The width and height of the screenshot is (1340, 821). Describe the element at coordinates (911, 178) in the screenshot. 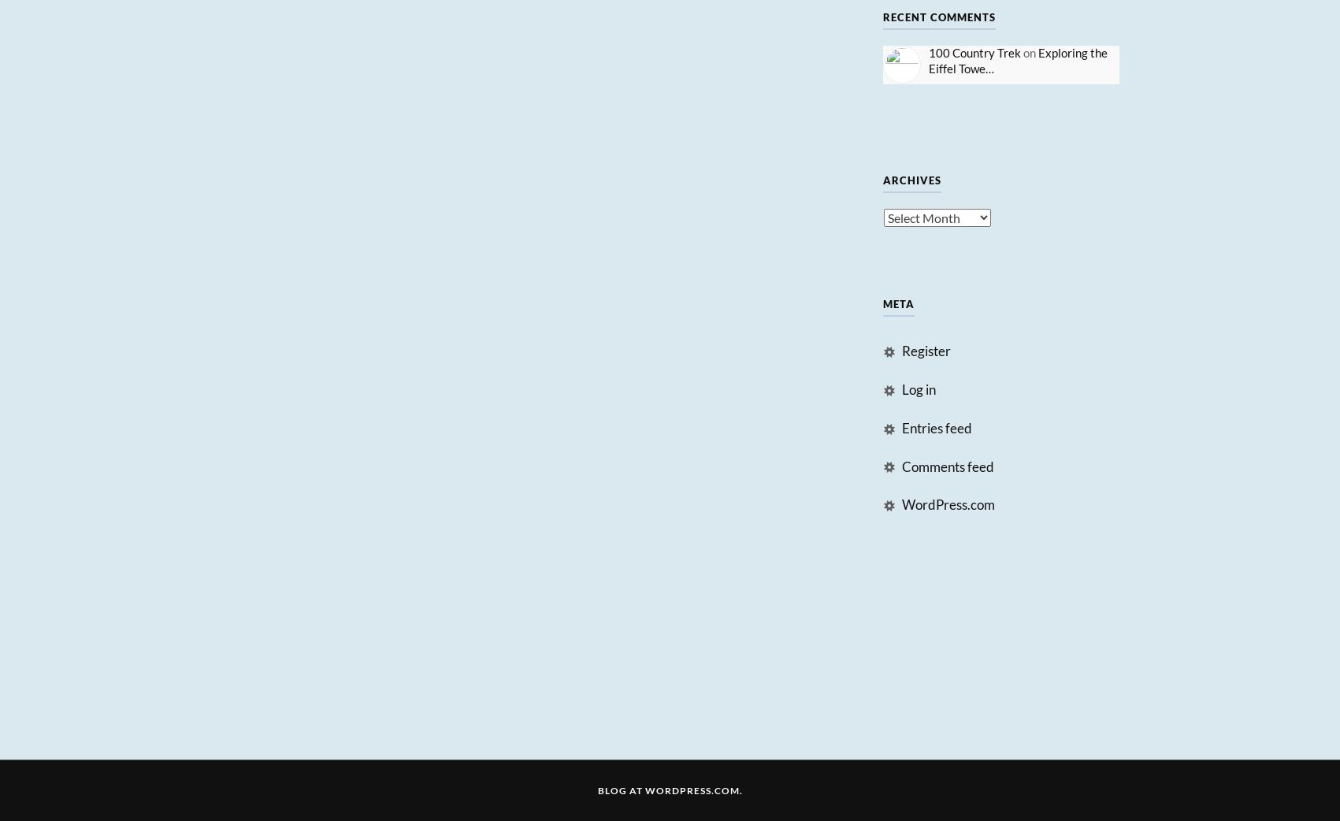

I see `'Archives'` at that location.